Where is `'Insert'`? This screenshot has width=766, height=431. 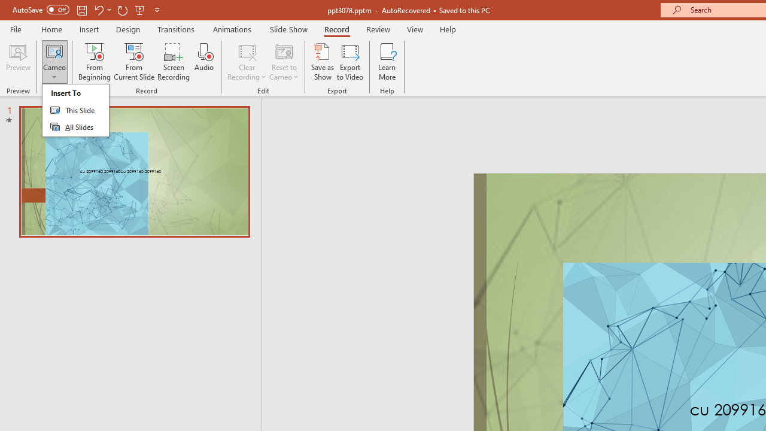
'Insert' is located at coordinates (89, 29).